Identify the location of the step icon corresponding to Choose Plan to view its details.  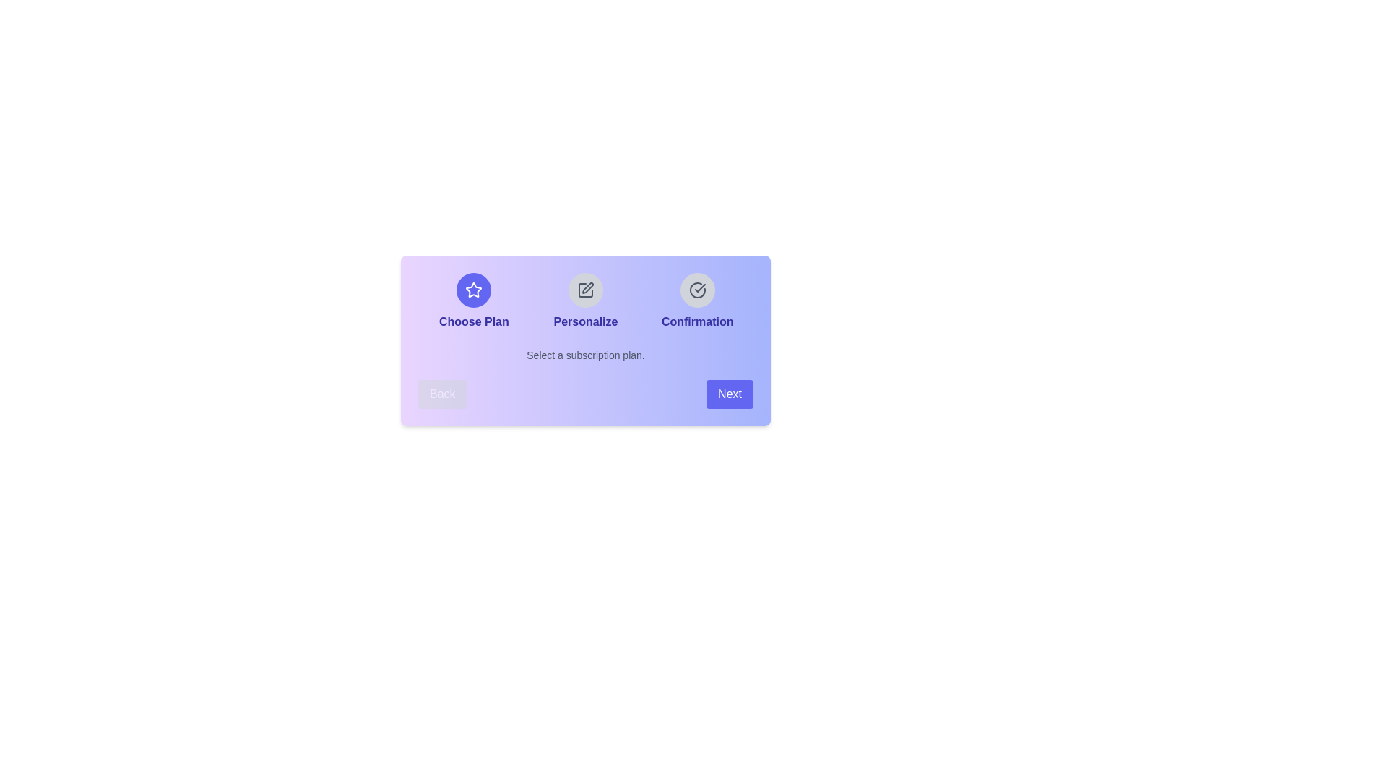
(474, 290).